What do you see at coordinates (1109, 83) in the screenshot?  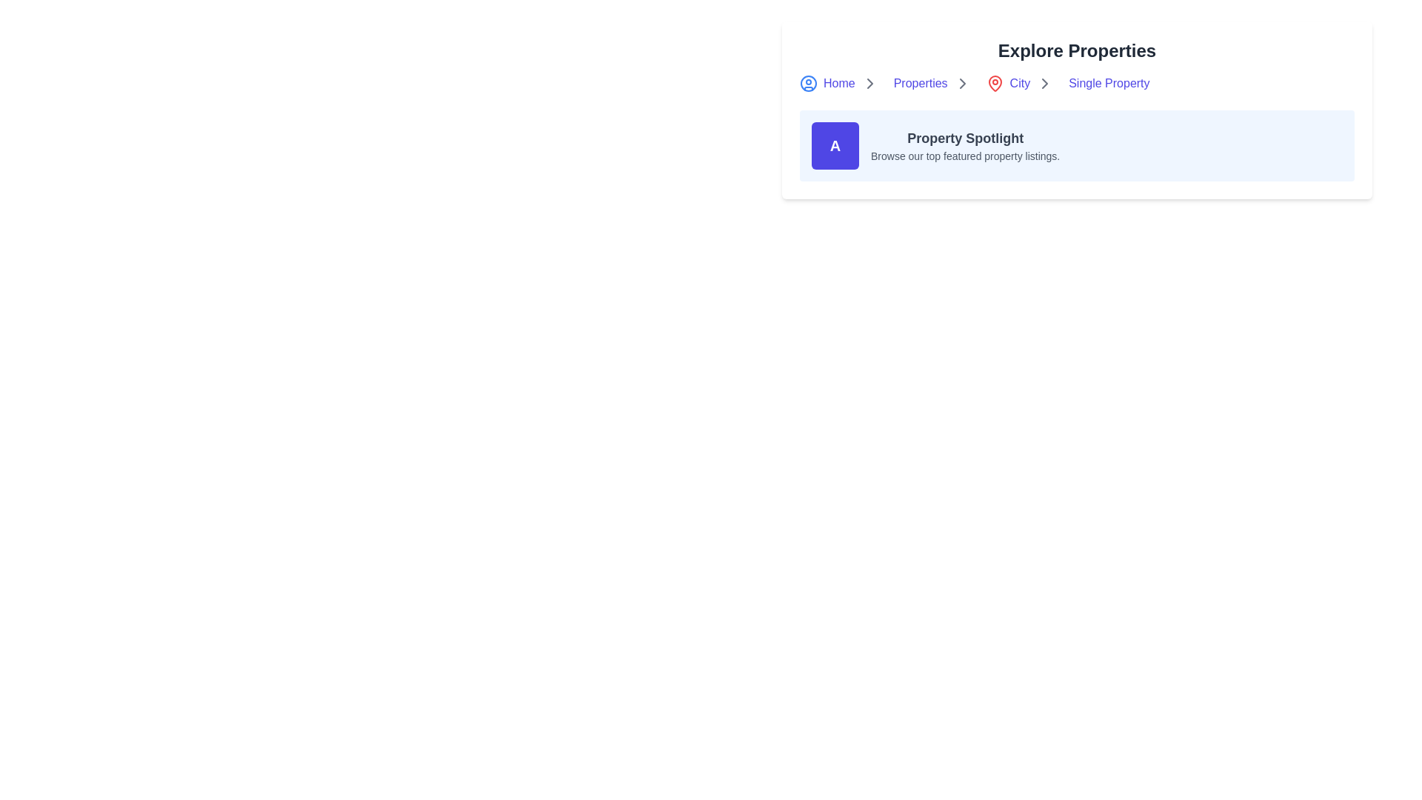 I see `the 'Single Property' breadcrumb label` at bounding box center [1109, 83].